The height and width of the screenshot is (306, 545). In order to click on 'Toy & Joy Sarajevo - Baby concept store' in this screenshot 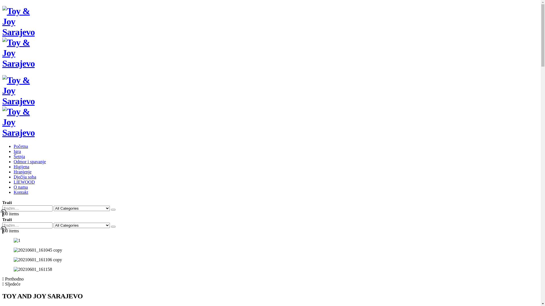, I will do `click(18, 47)`.